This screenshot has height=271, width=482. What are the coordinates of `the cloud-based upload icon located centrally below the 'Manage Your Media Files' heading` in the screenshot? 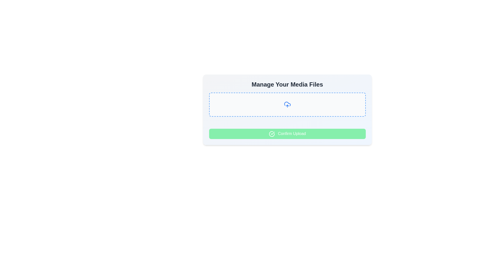 It's located at (287, 104).